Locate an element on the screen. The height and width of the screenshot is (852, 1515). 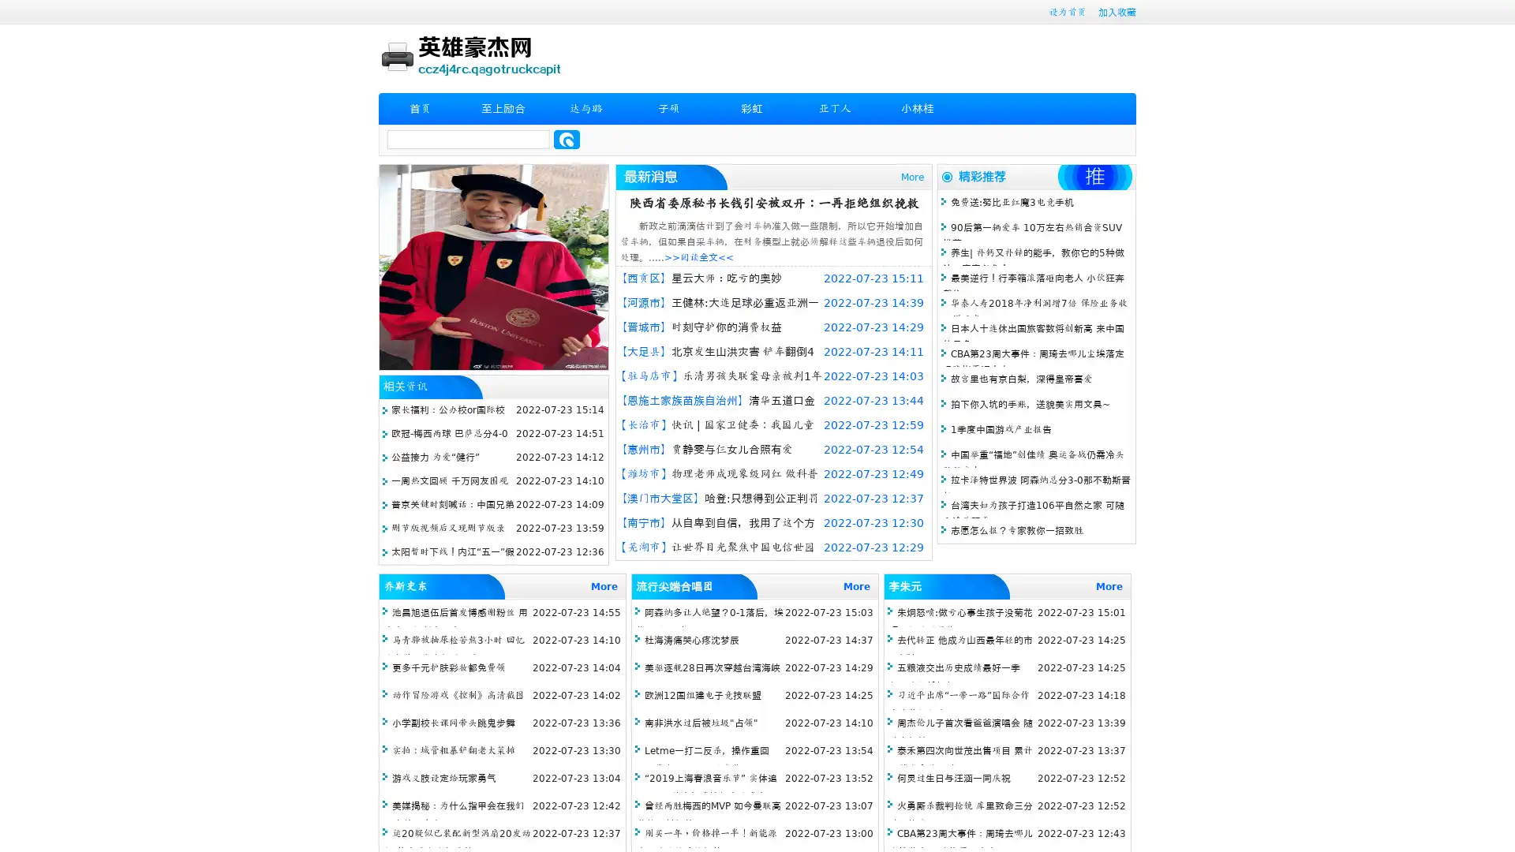
Search is located at coordinates (567, 139).